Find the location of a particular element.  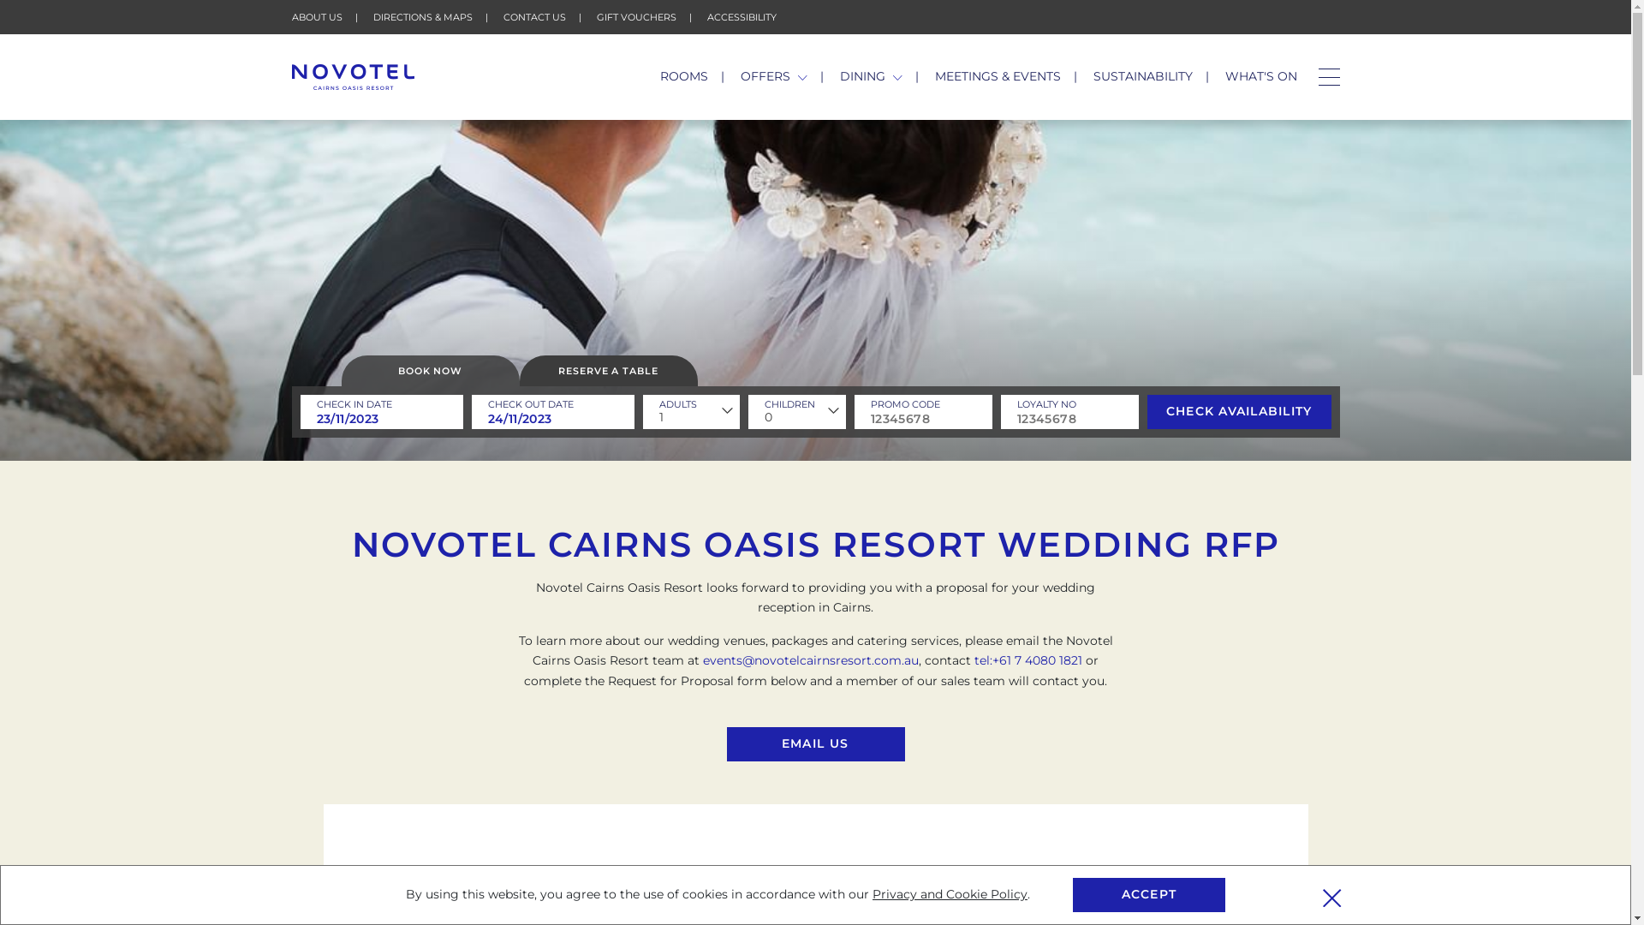

'EMAIL US is located at coordinates (813, 743).